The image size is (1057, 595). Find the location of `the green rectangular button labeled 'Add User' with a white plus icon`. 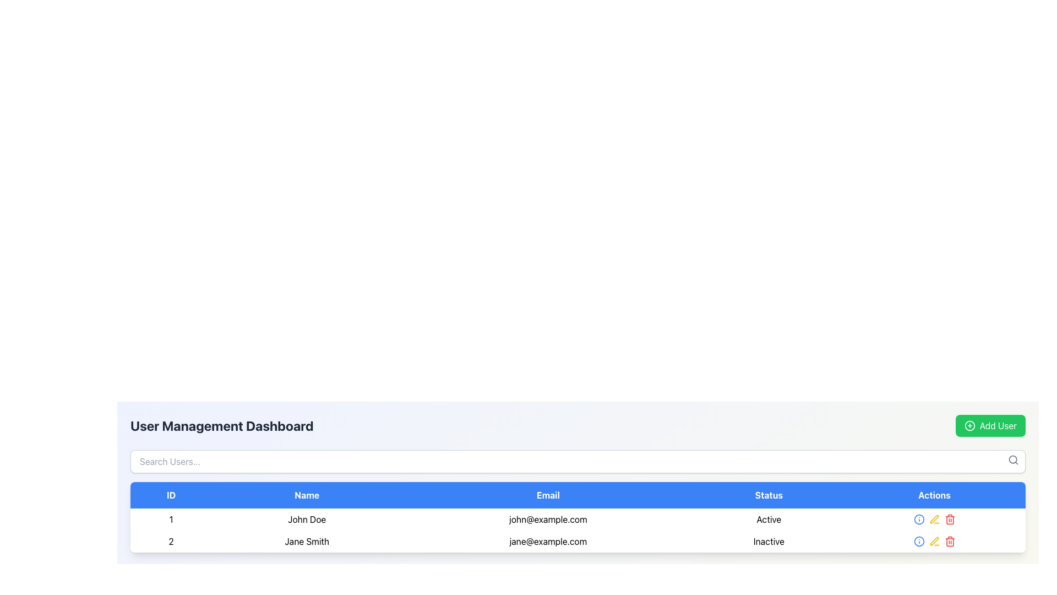

the green rectangular button labeled 'Add User' with a white plus icon is located at coordinates (990, 425).